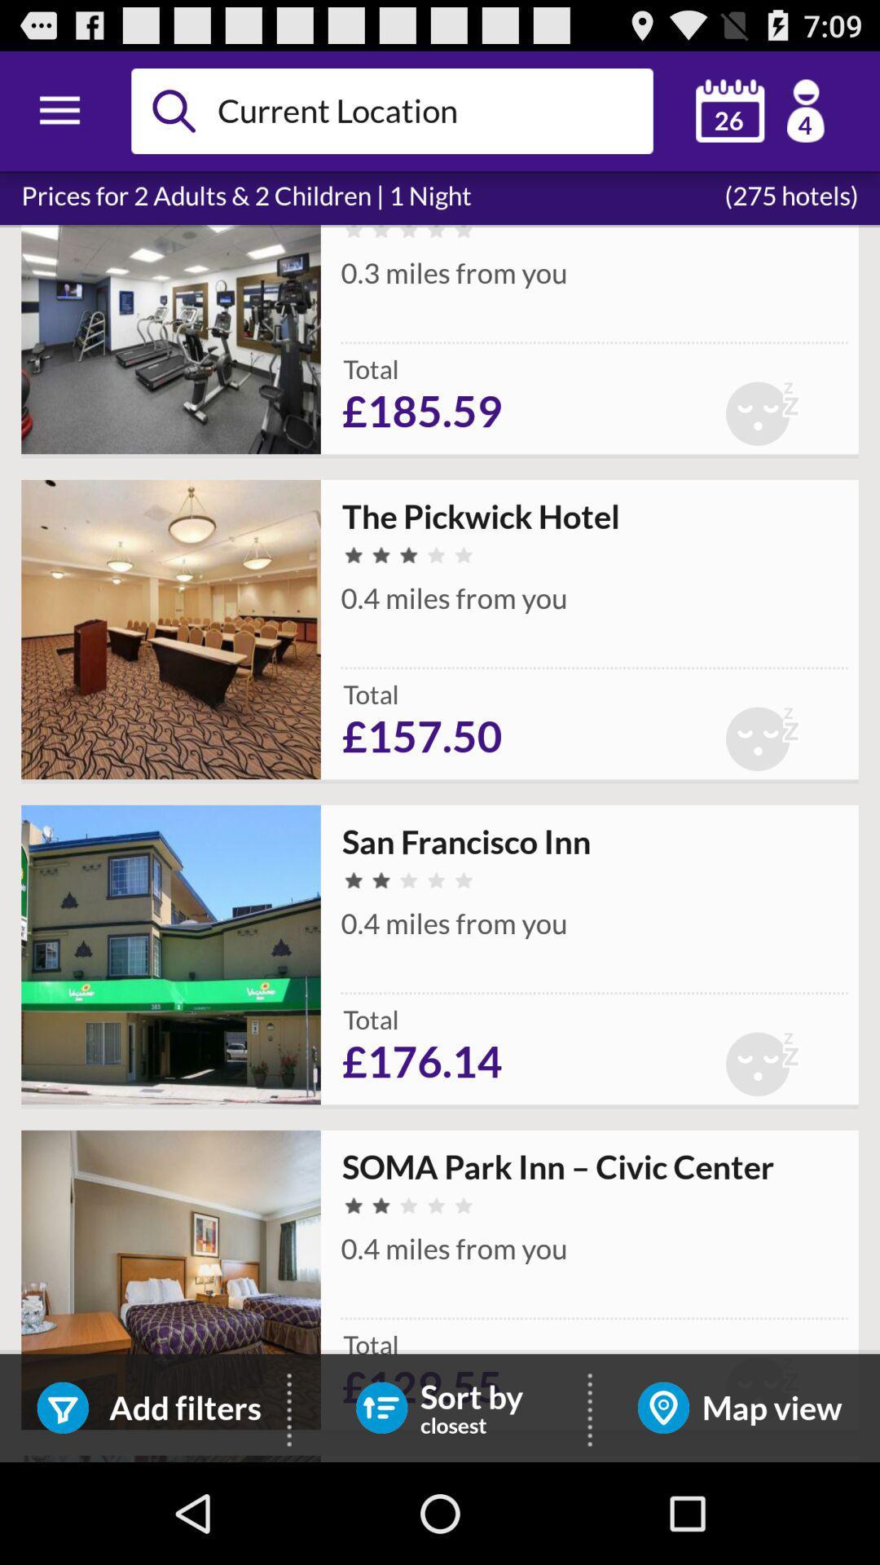  I want to click on the icons right to search field, so click(760, 110).